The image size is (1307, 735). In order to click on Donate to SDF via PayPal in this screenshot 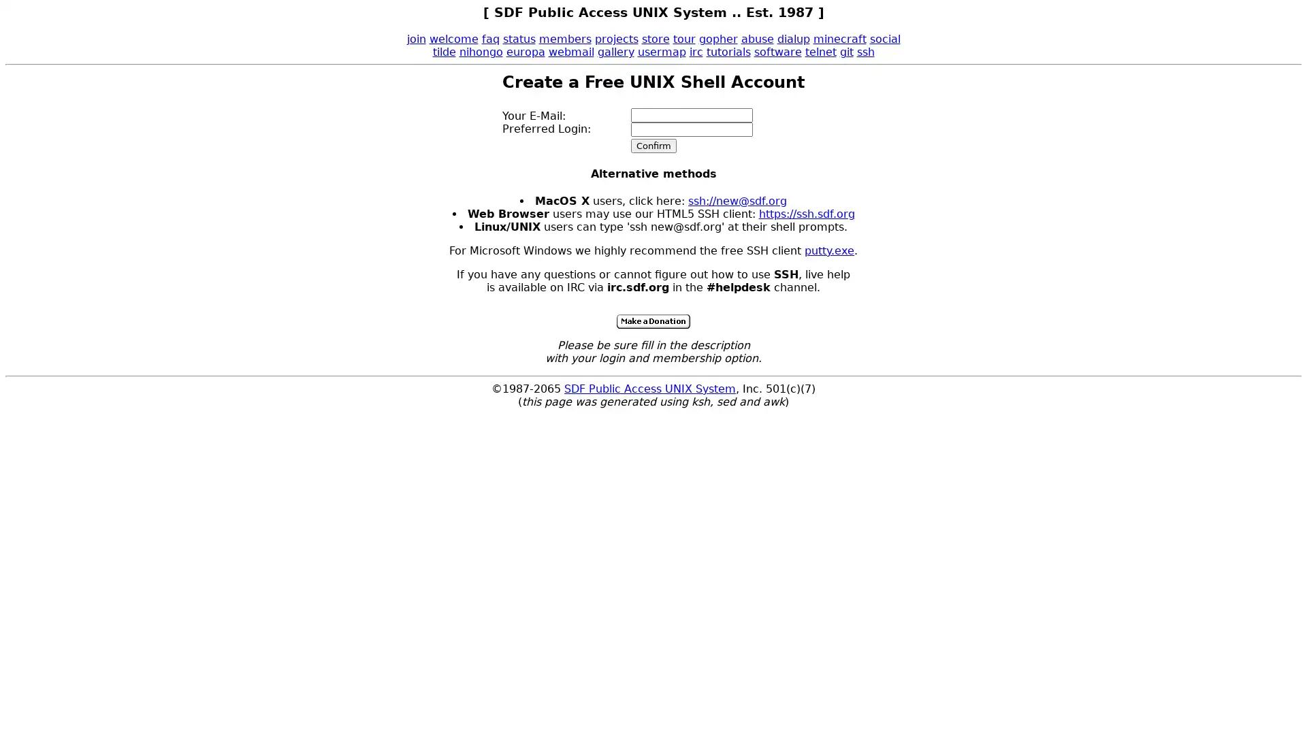, I will do `click(653, 321)`.